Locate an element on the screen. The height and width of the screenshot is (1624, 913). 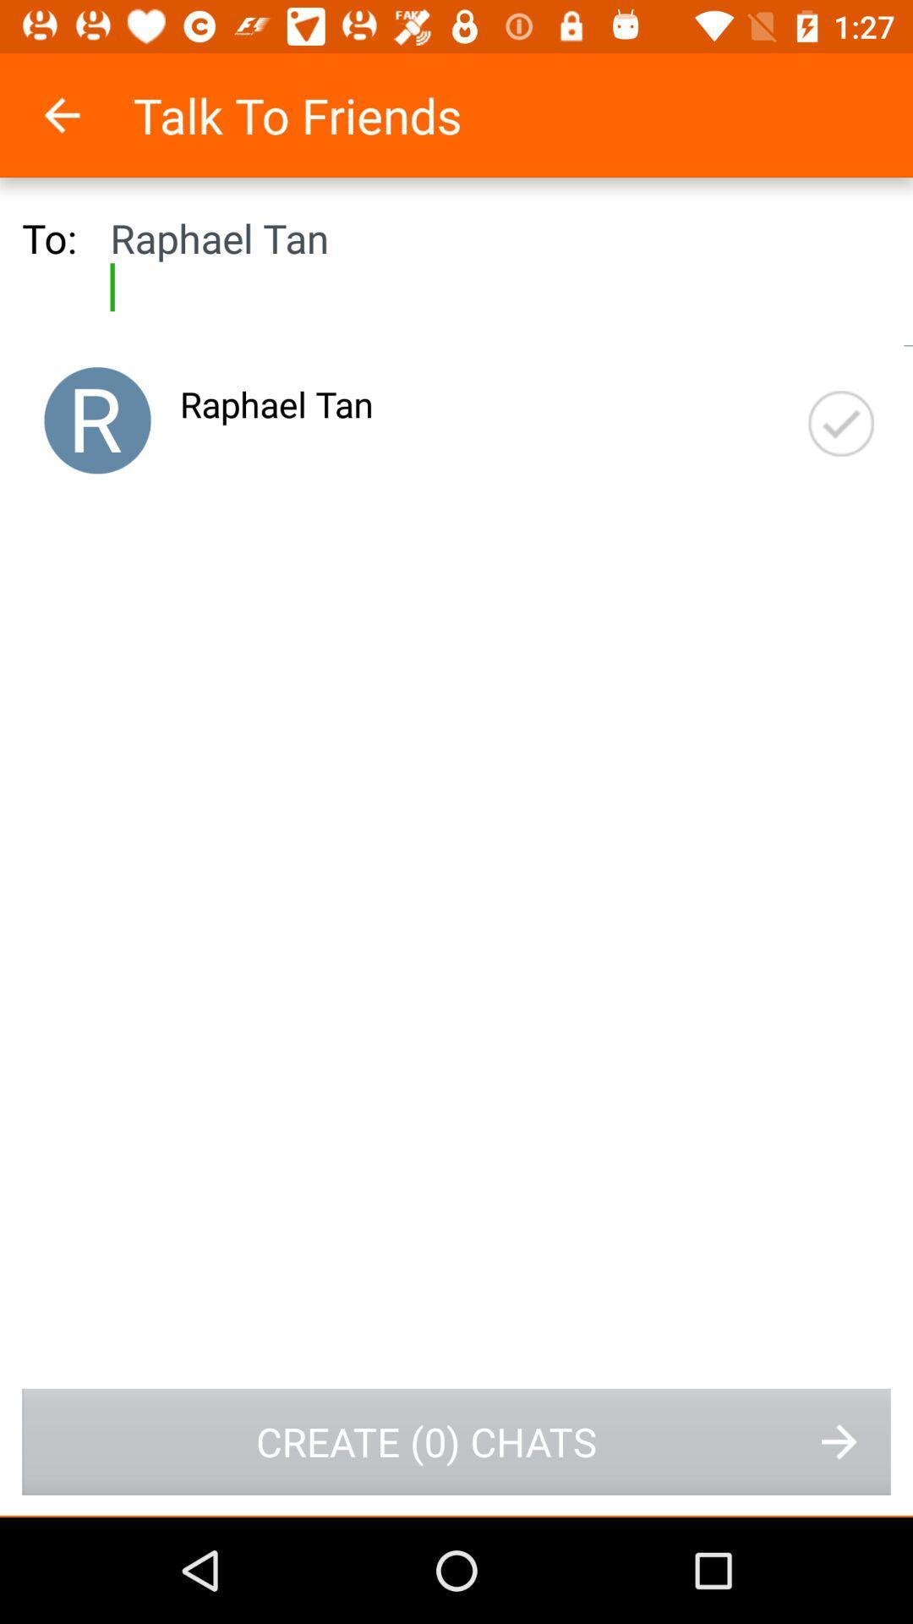
icon to the right of the raphael tan is located at coordinates (841, 424).